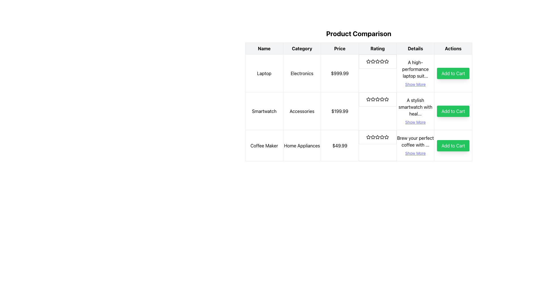 This screenshot has width=543, height=305. I want to click on the fourth star in the series of five stars representing the rating for the 'Coffee Maker' product, so click(382, 137).